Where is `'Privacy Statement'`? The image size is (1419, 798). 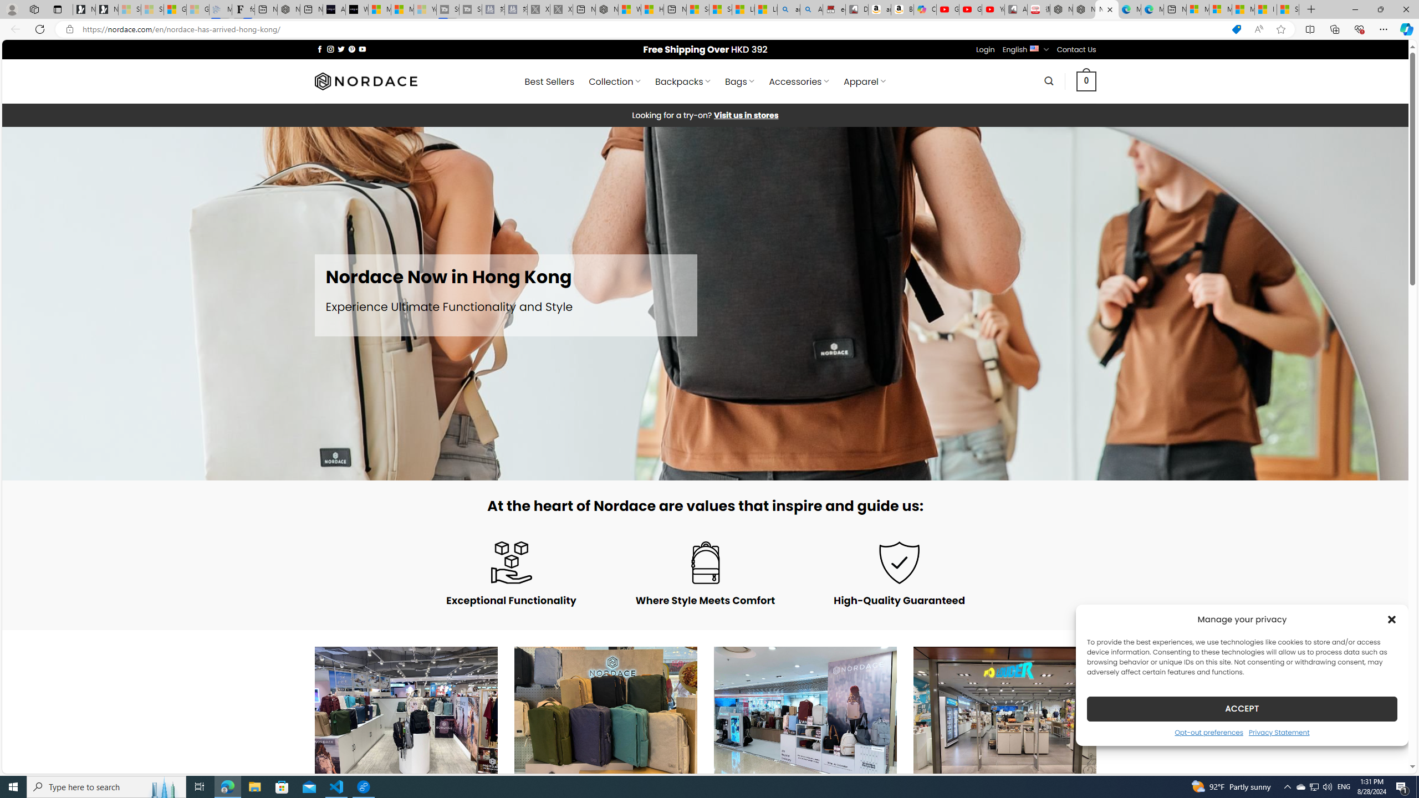
'Privacy Statement' is located at coordinates (1279, 731).